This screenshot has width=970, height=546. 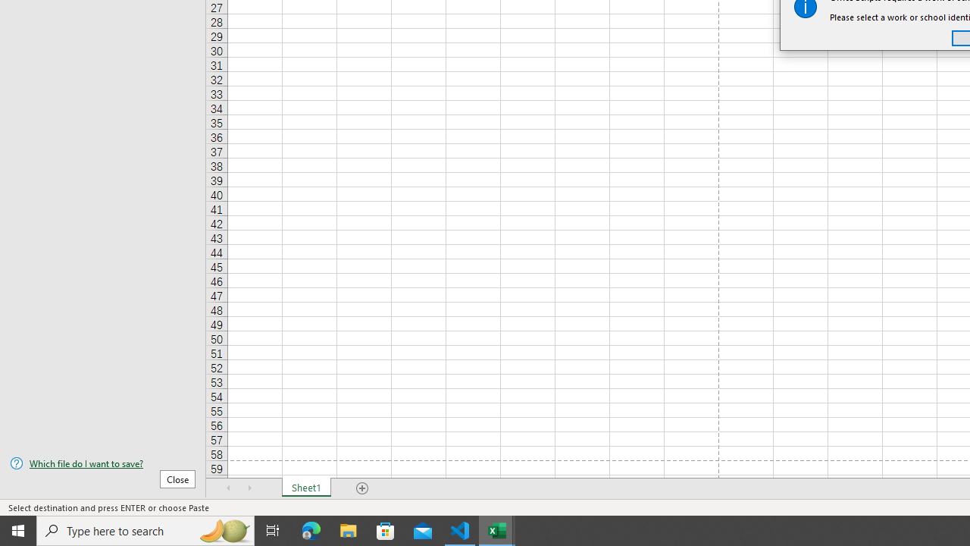 I want to click on 'Search highlights icon opens search home window', so click(x=223, y=529).